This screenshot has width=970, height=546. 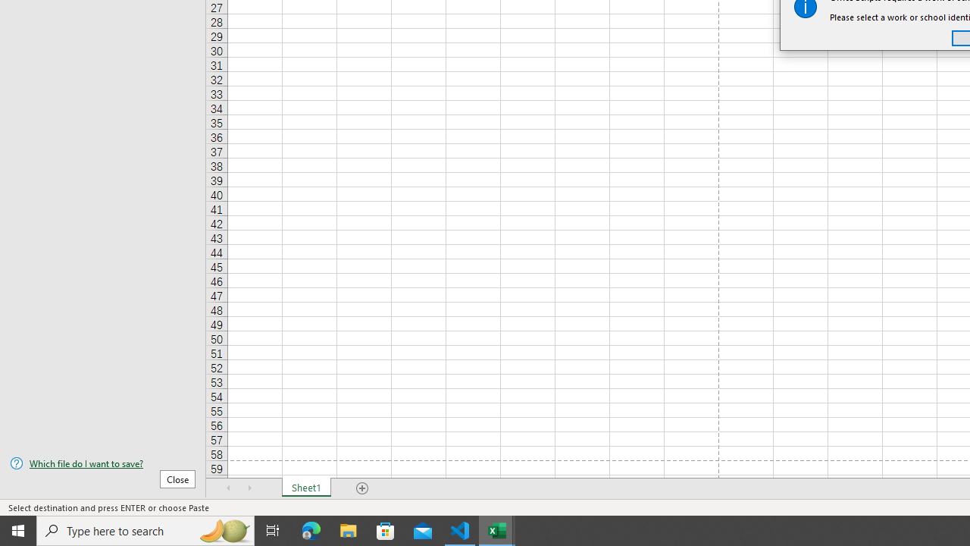 I want to click on 'Search highlights icon opens search home window', so click(x=223, y=529).